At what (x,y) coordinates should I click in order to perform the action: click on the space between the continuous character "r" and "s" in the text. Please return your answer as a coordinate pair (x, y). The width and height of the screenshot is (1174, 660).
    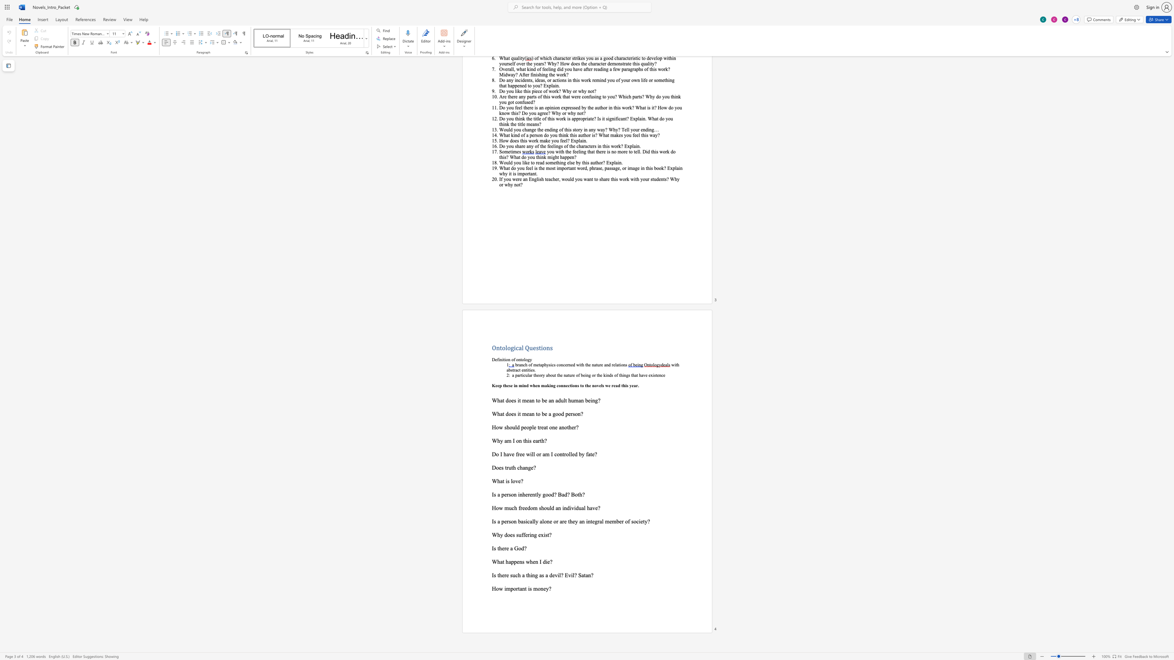
    Looking at the image, I should click on (572, 413).